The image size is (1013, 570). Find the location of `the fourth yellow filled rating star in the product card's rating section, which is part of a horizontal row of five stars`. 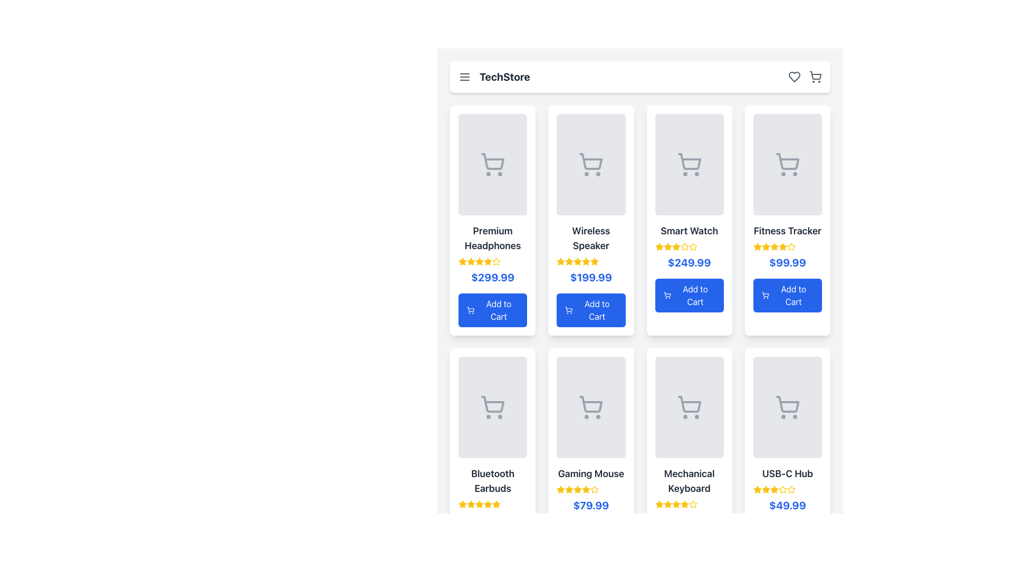

the fourth yellow filled rating star in the product card's rating section, which is part of a horizontal row of five stars is located at coordinates (479, 261).